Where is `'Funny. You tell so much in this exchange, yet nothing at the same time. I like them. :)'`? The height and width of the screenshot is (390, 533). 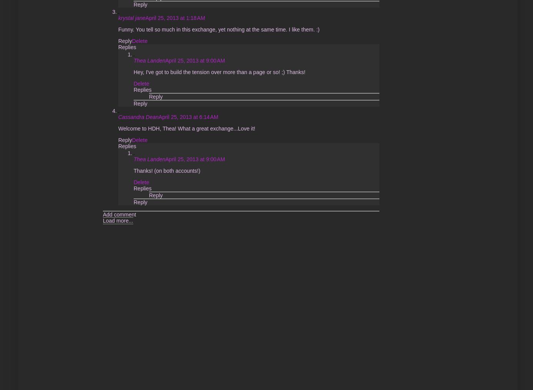
'Funny. You tell so much in this exchange, yet nothing at the same time. I like them. :)' is located at coordinates (118, 29).